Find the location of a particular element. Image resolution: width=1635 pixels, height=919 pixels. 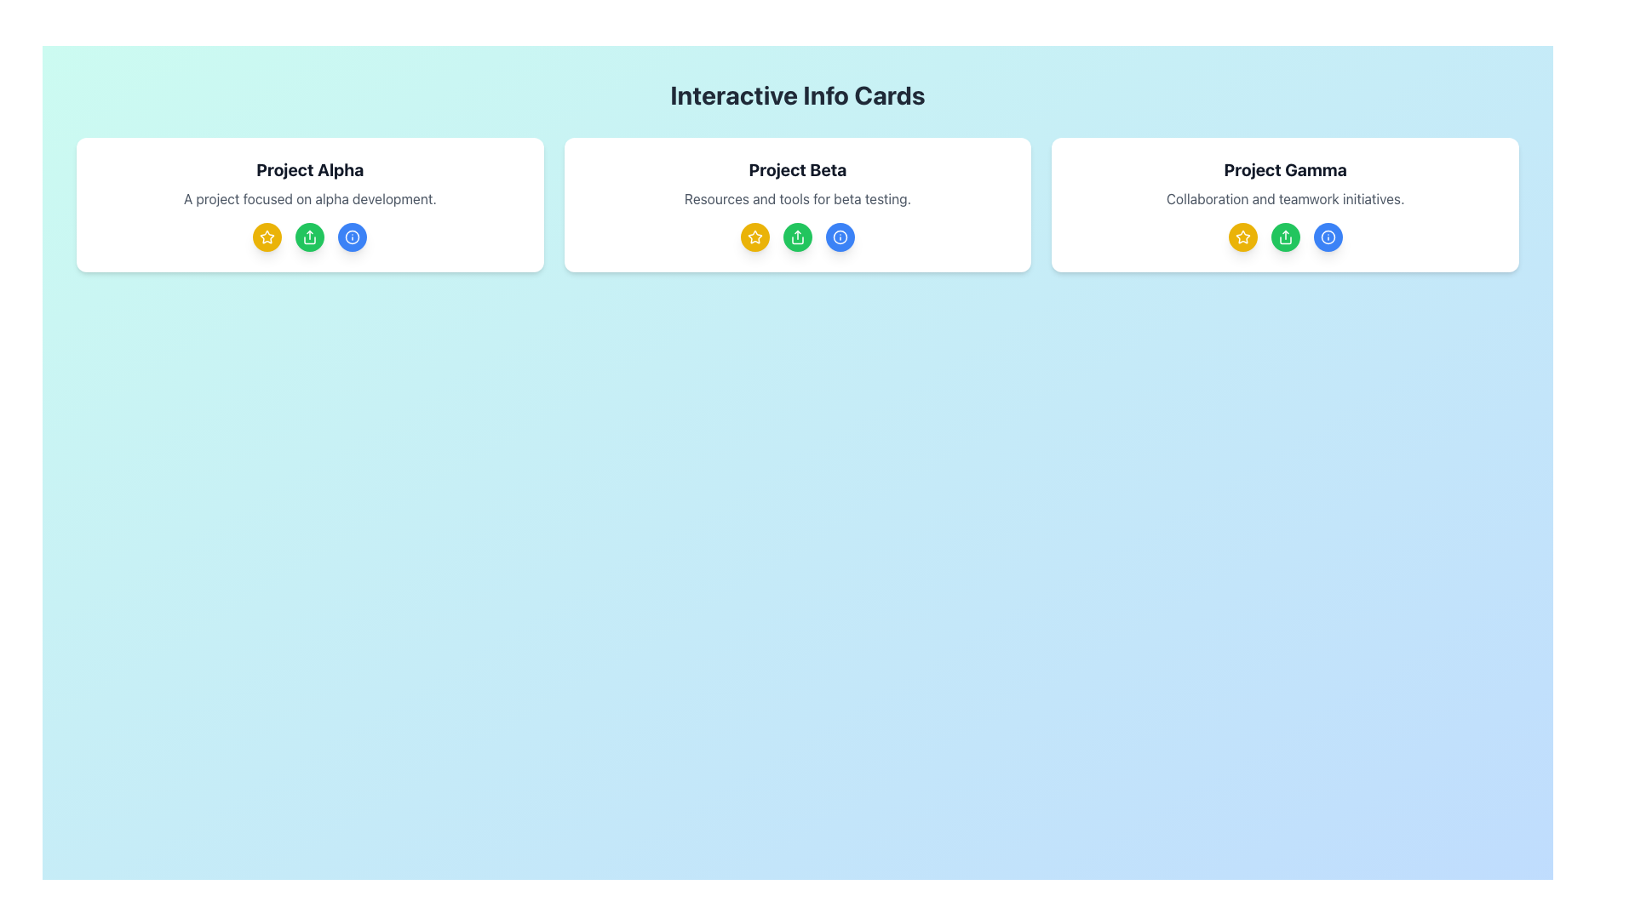

the SVG icon representing an info symbol located at the lower right side of the Project Beta card is located at coordinates (840, 237).